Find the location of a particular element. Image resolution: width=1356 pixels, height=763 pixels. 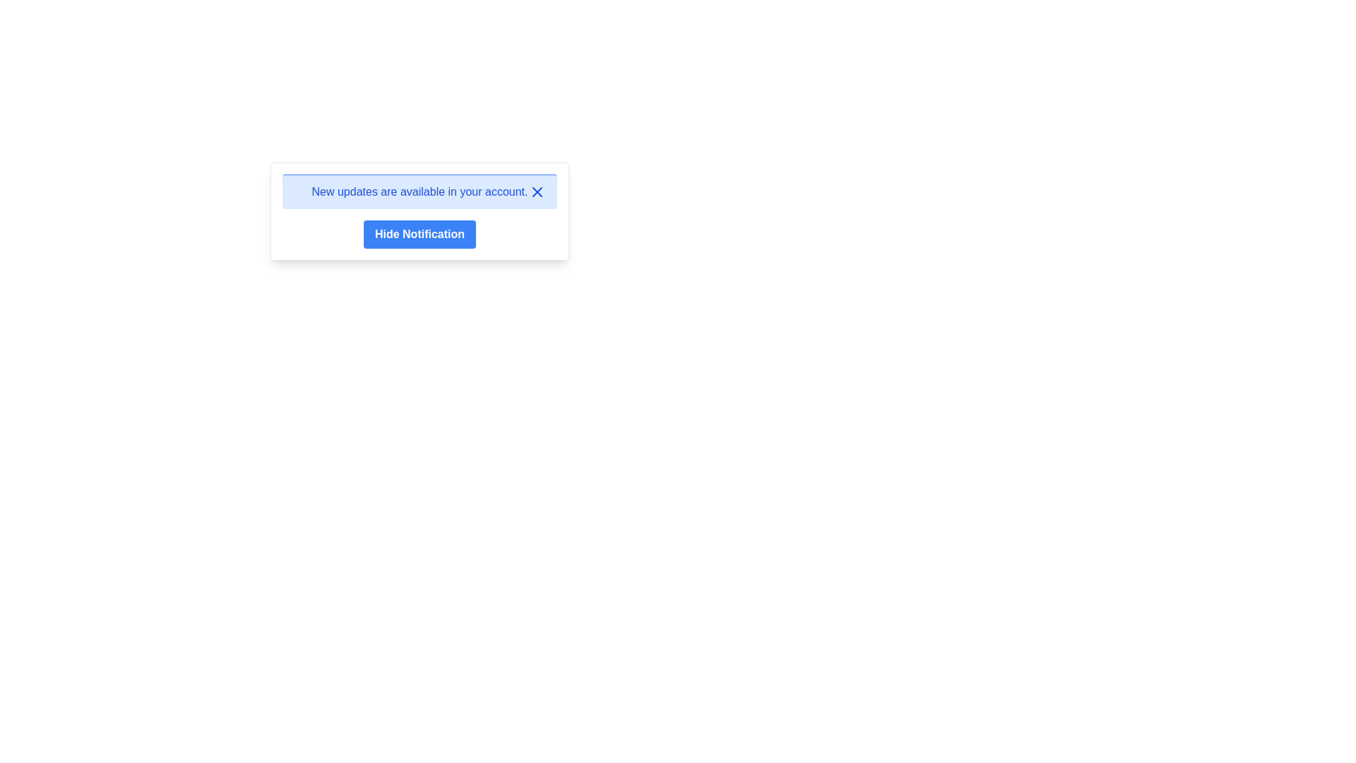

the close button icon in the top right corner of the notification box is located at coordinates (537, 192).